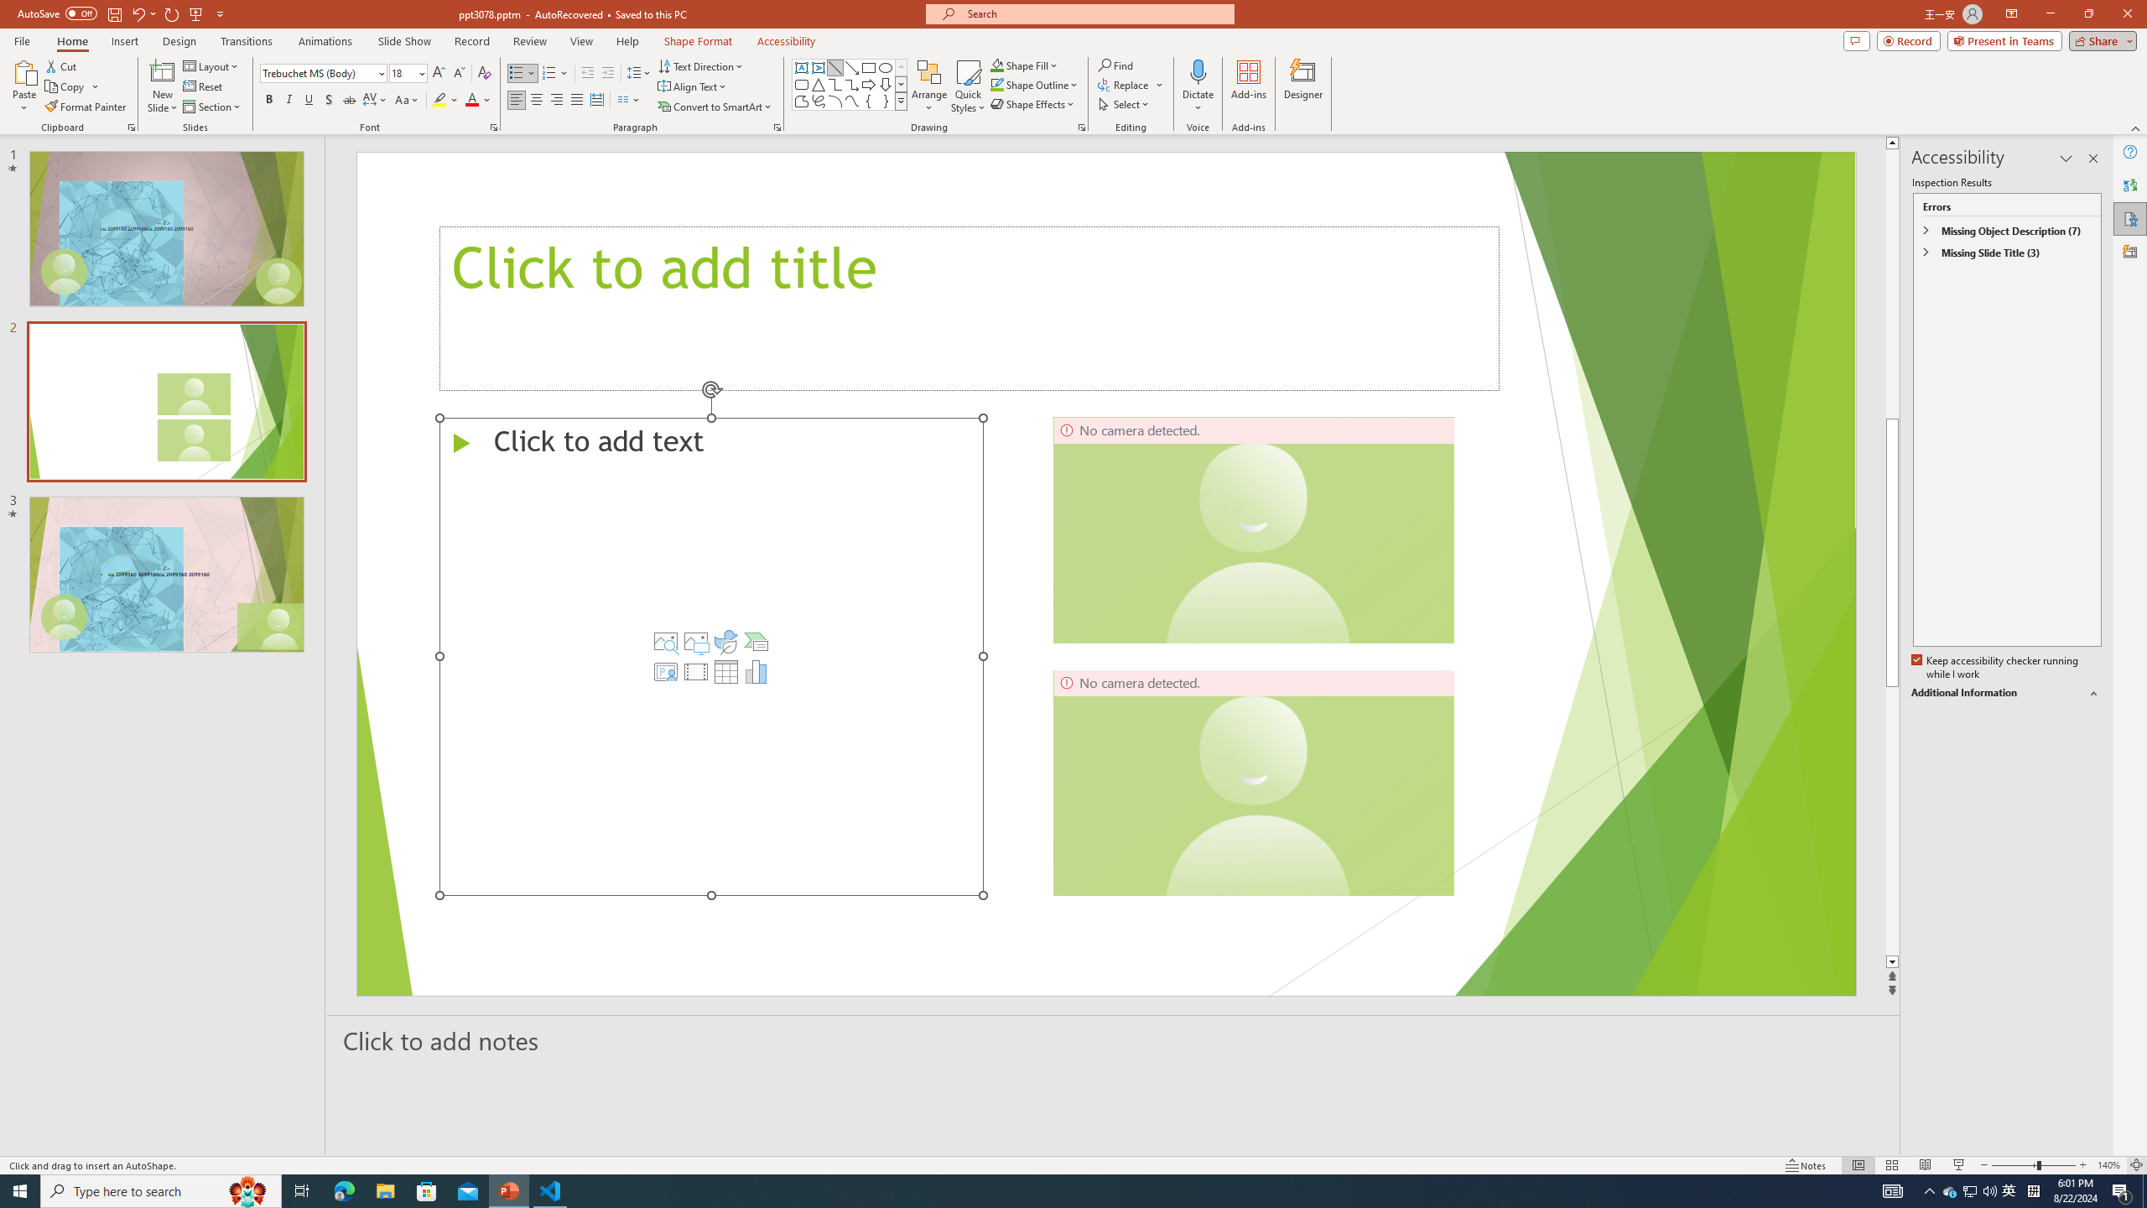 The height and width of the screenshot is (1208, 2147). What do you see at coordinates (694, 671) in the screenshot?
I see `'Insert Video'` at bounding box center [694, 671].